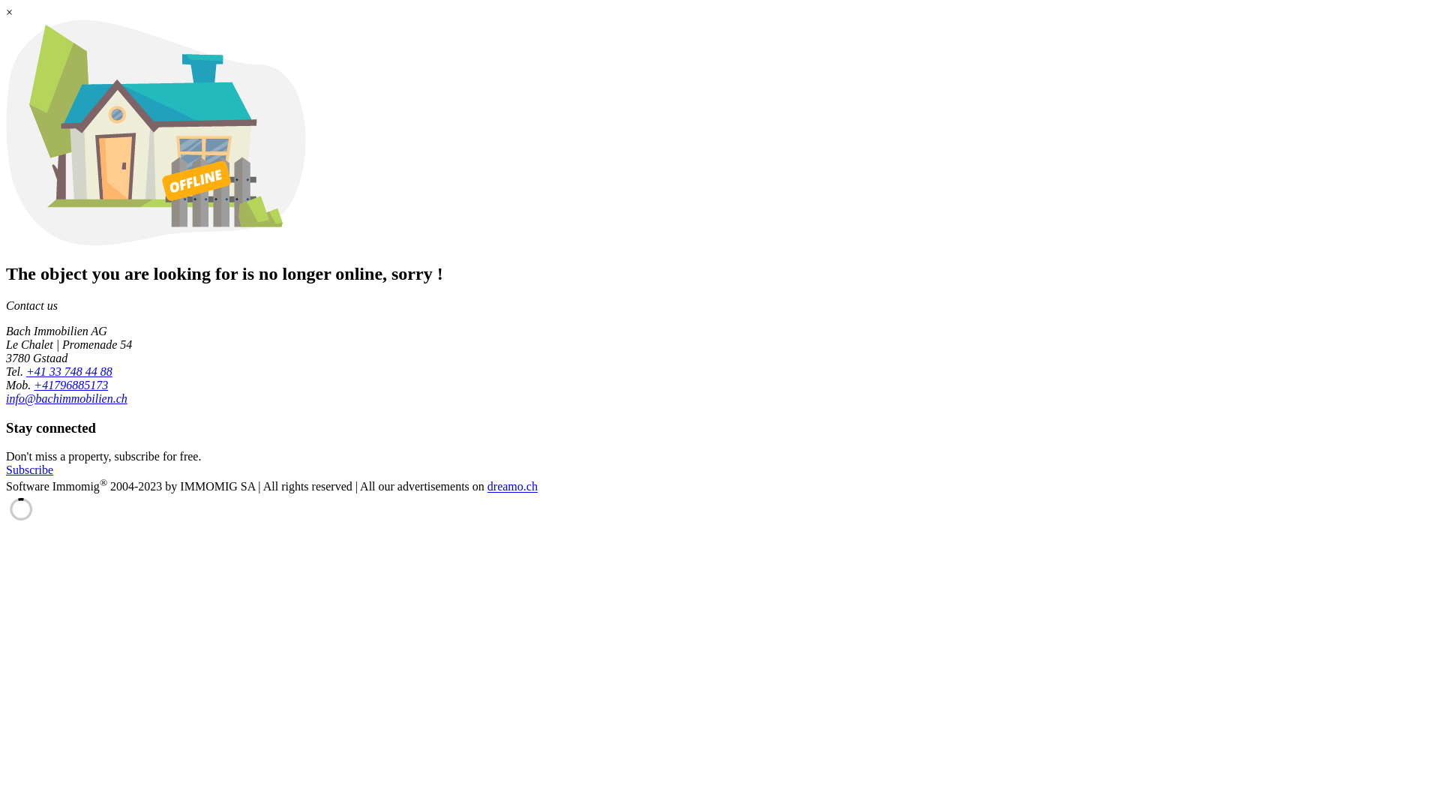 This screenshot has width=1440, height=810. I want to click on 'dreamo.ch', so click(512, 487).